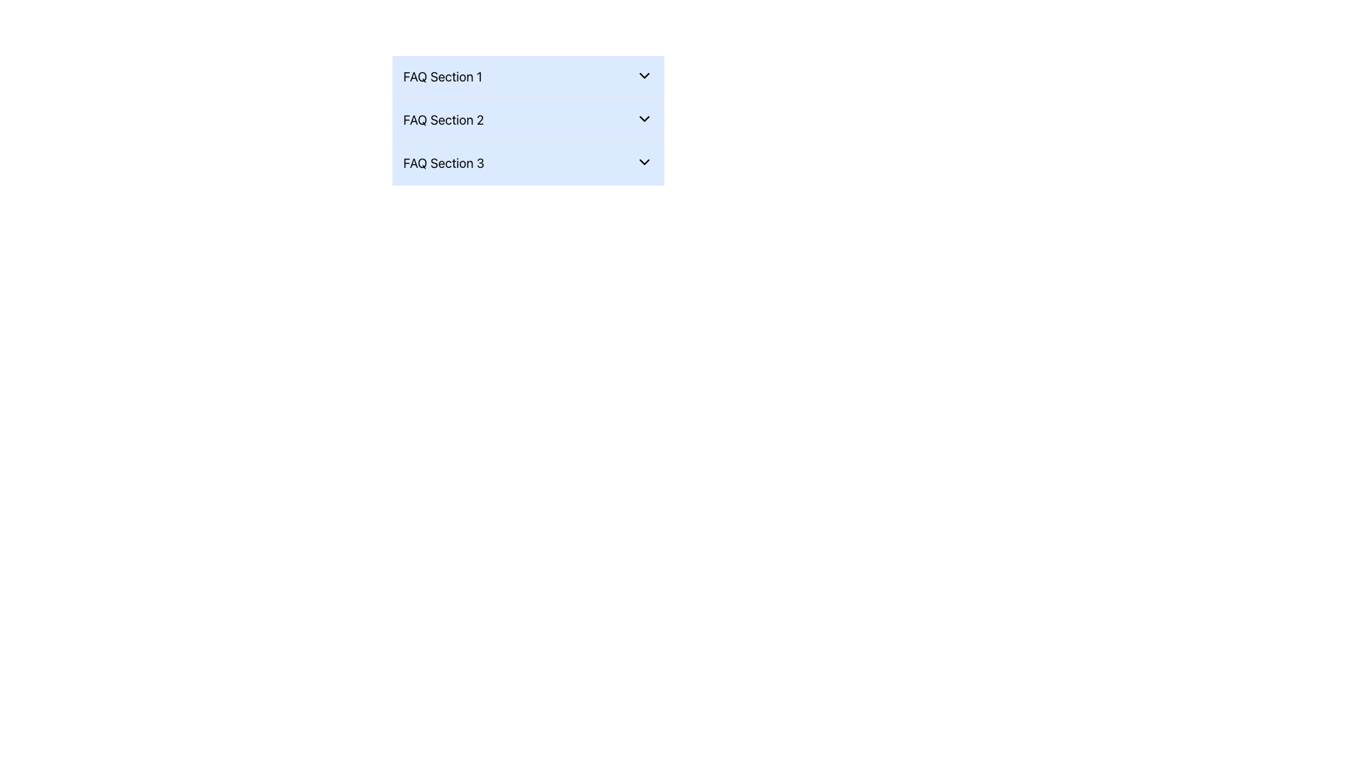 This screenshot has width=1360, height=765. I want to click on the first button element in the vertical list, so click(527, 76).